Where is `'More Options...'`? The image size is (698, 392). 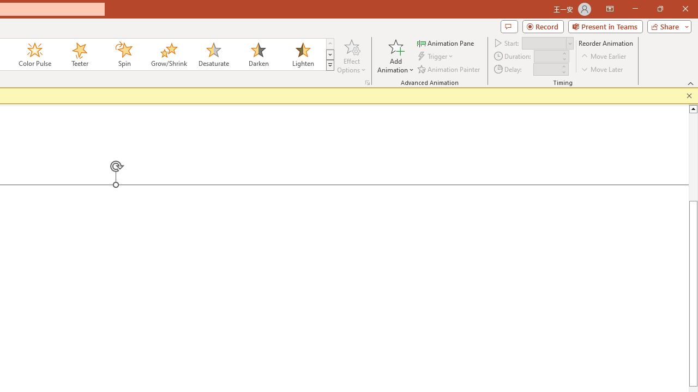
'More Options...' is located at coordinates (367, 82).